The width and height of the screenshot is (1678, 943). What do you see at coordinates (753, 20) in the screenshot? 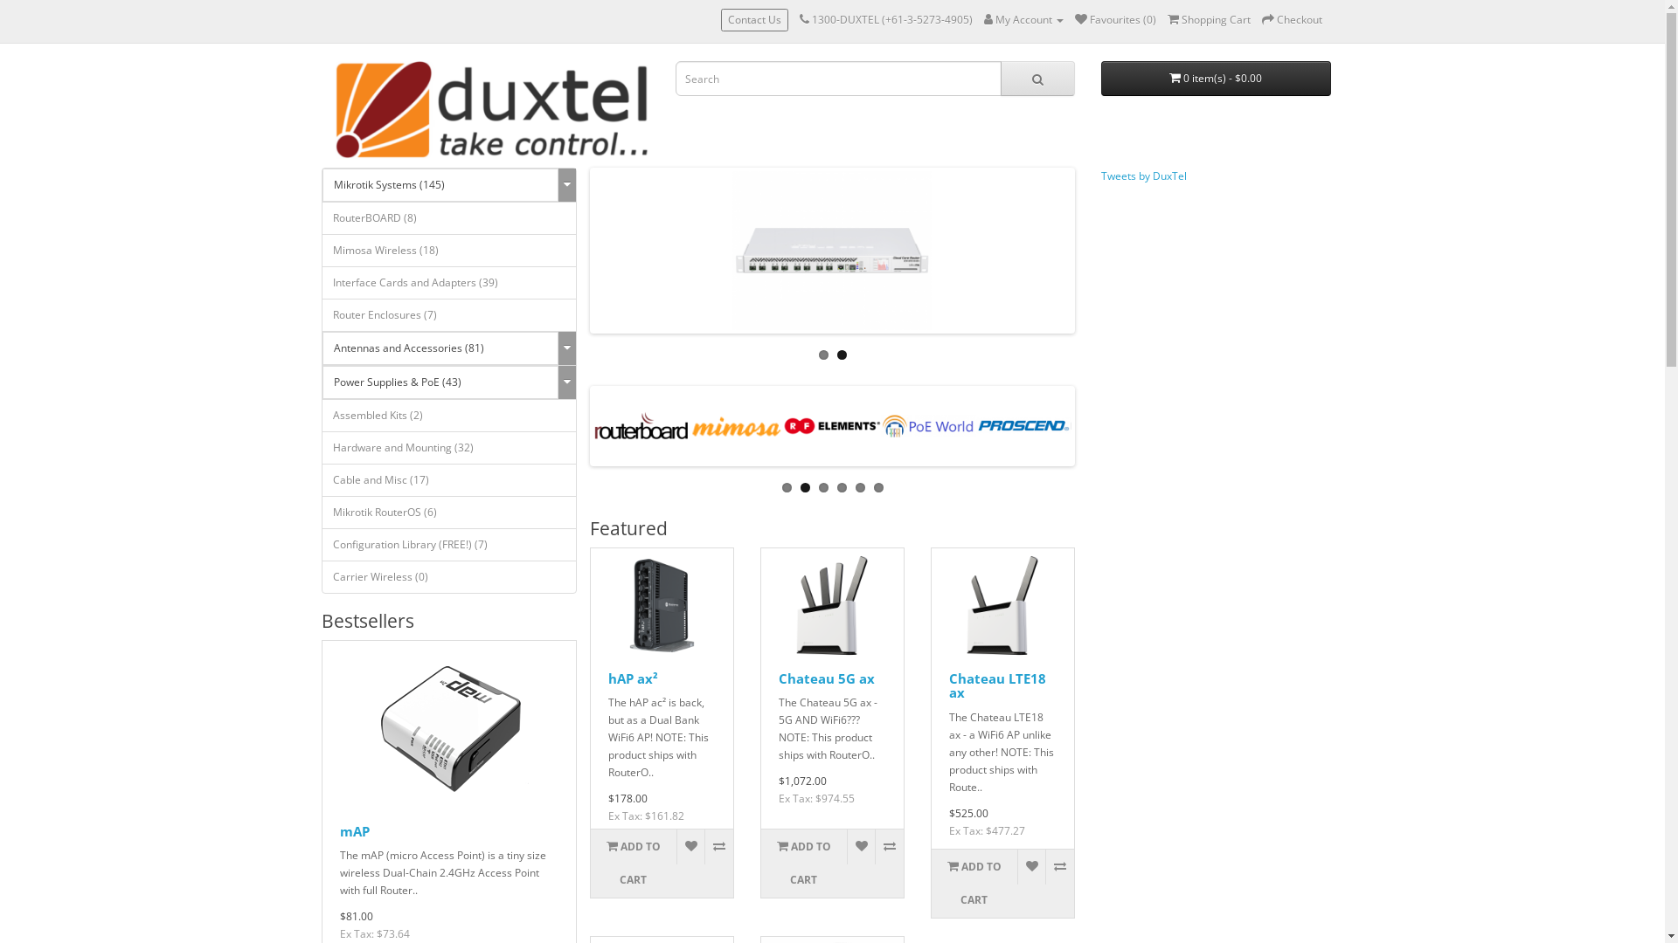
I see `'Contact Us'` at bounding box center [753, 20].